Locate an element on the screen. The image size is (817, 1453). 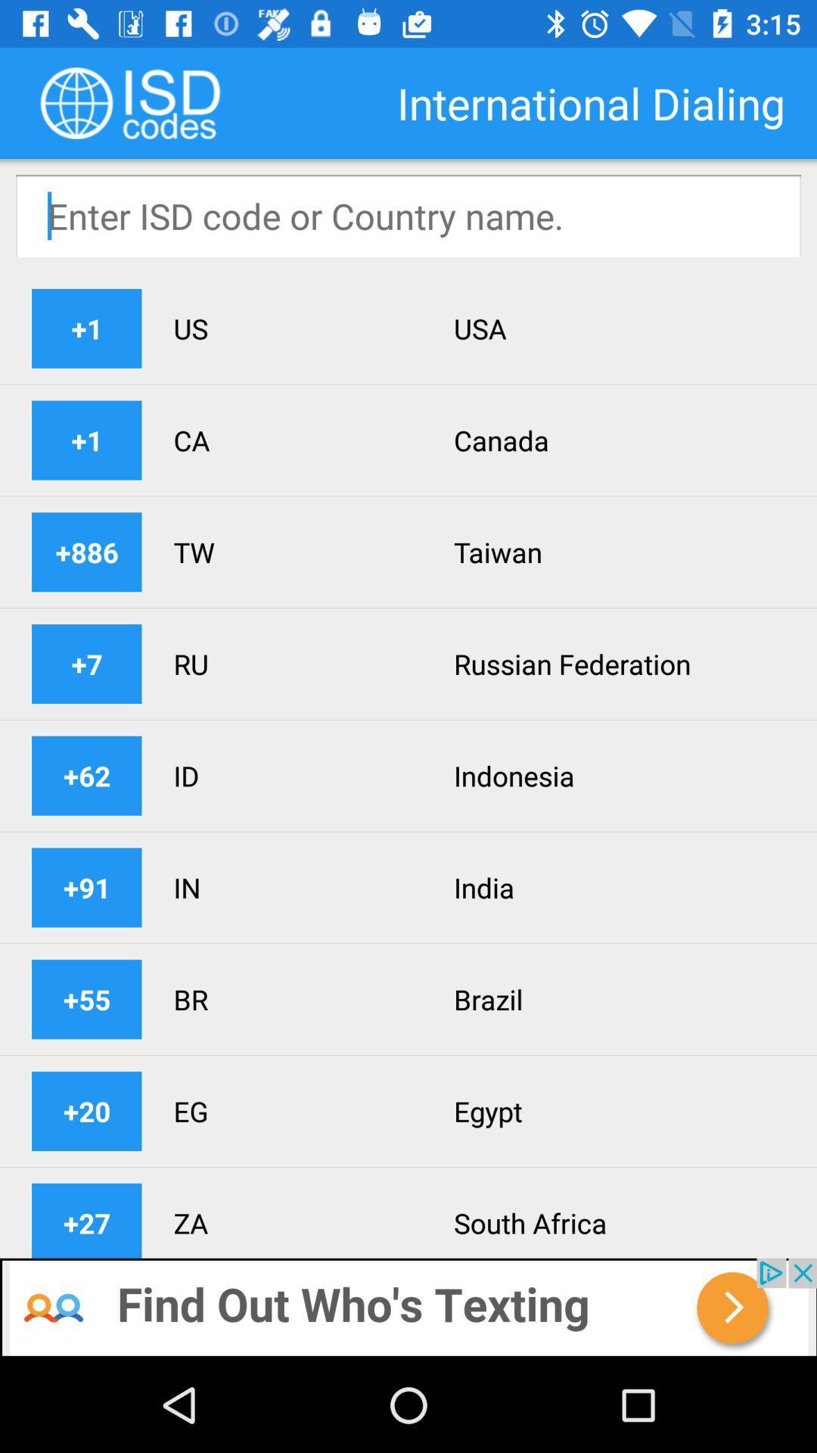
isd code/country field is located at coordinates (408, 215).